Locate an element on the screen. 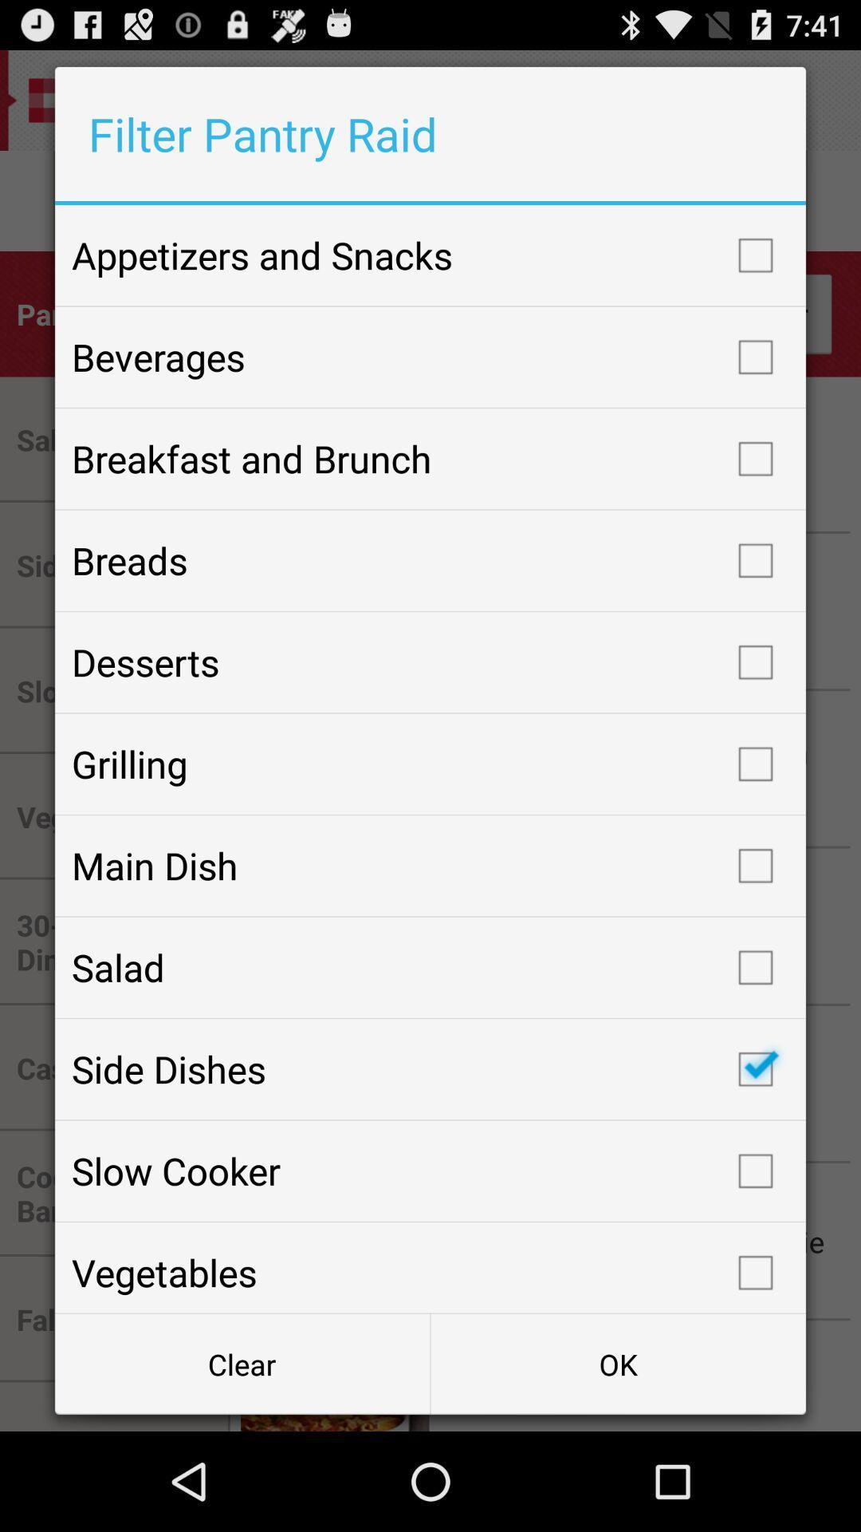  the main dish item is located at coordinates (431, 865).